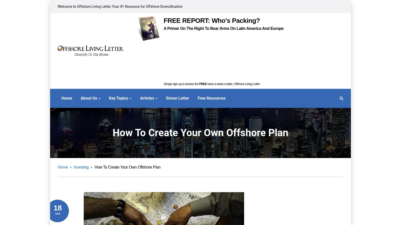  I want to click on 'Explore All Offshore Topics', so click(315, 209).